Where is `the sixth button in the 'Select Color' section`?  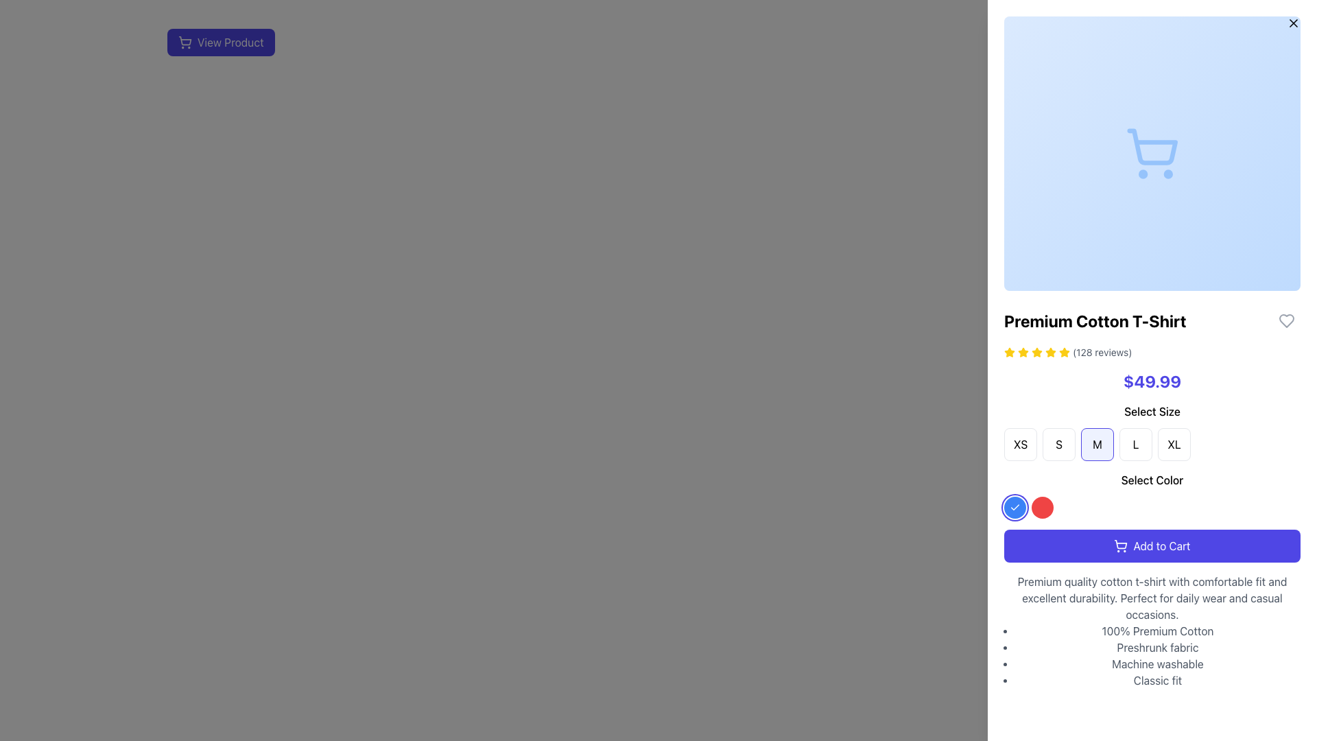 the sixth button in the 'Select Color' section is located at coordinates (1096, 508).